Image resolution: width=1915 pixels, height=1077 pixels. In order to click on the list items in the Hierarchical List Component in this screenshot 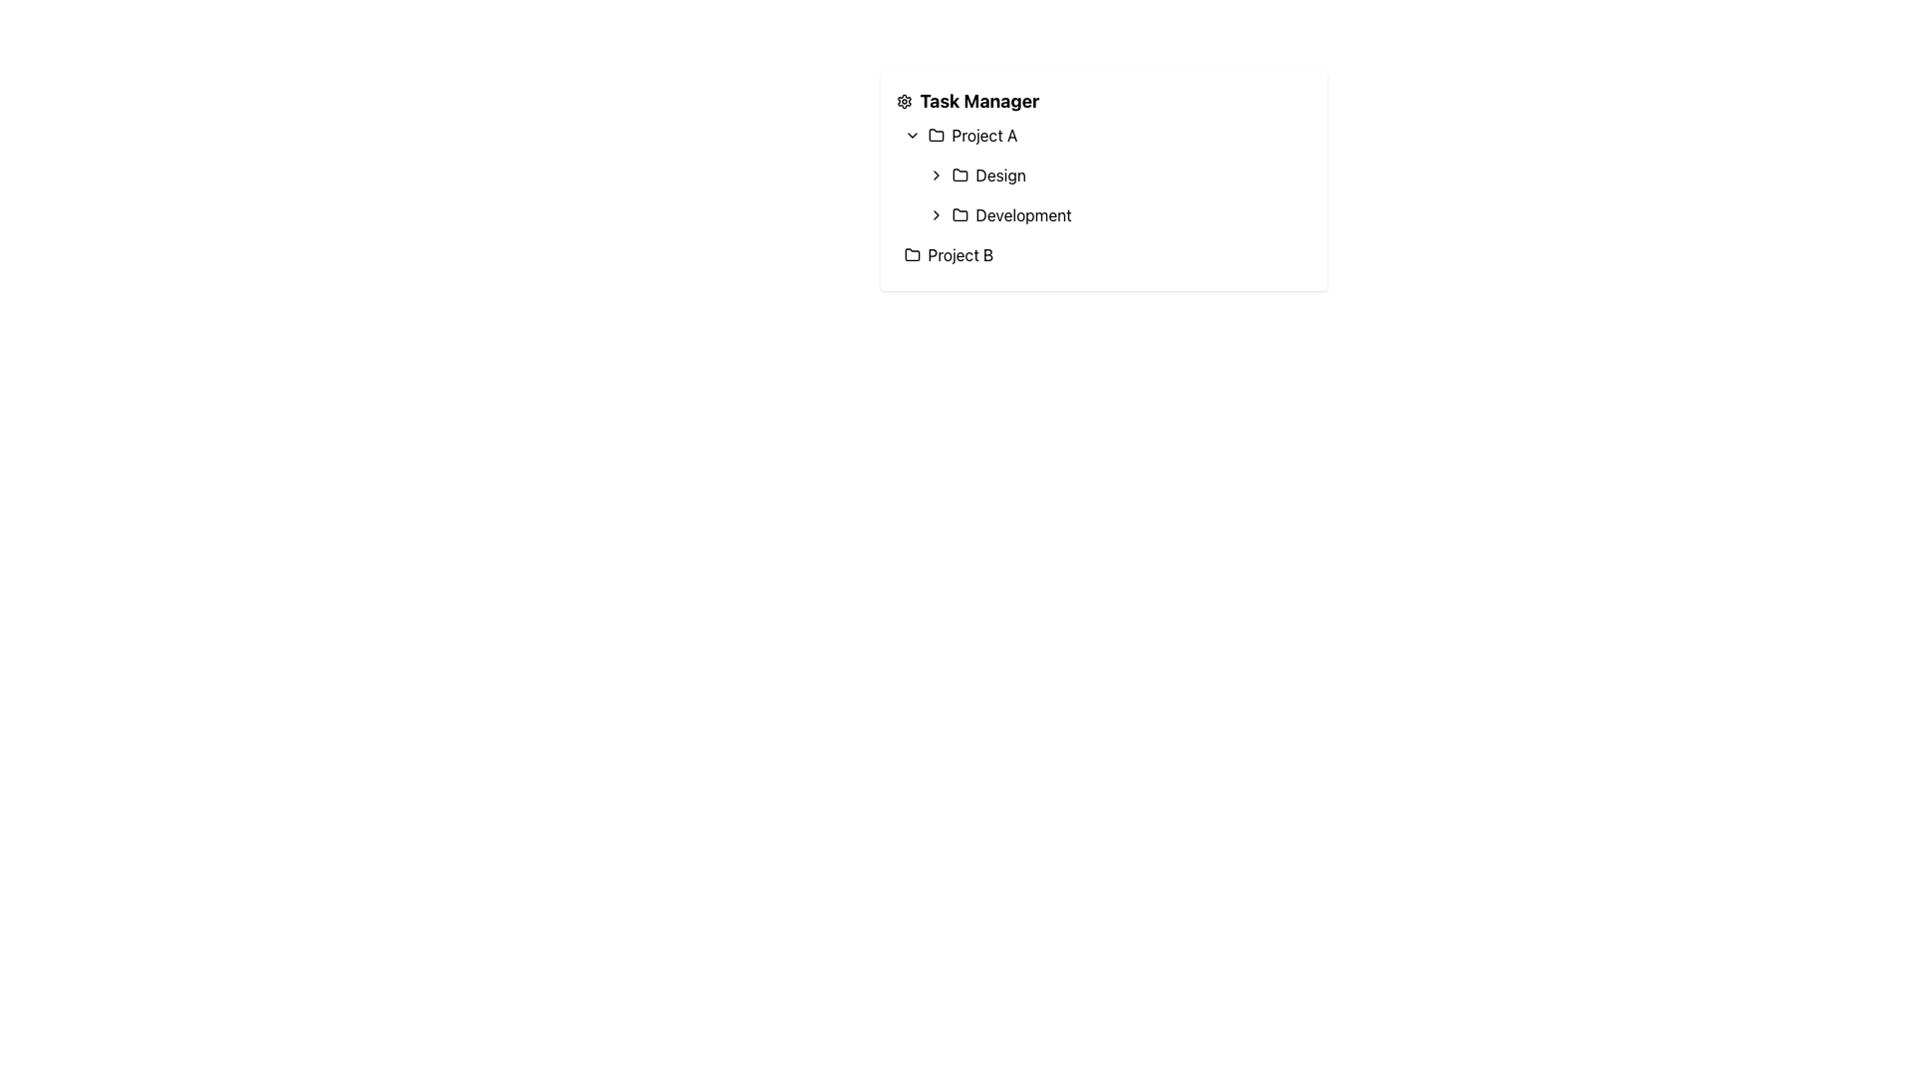, I will do `click(1102, 180)`.